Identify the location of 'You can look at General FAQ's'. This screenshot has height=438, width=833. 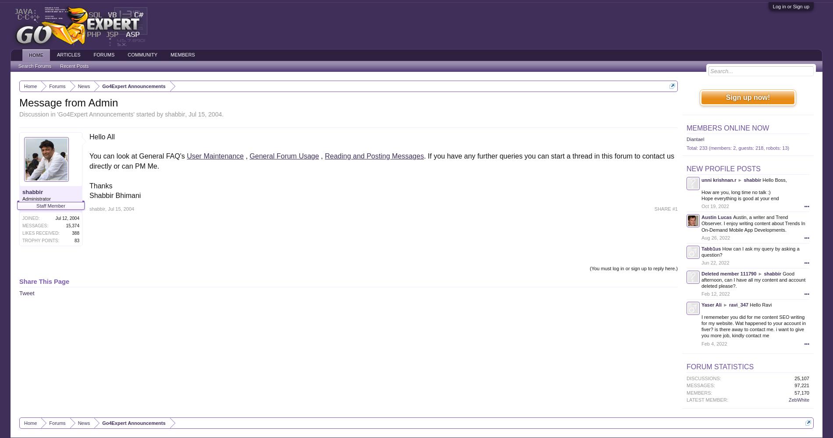
(138, 155).